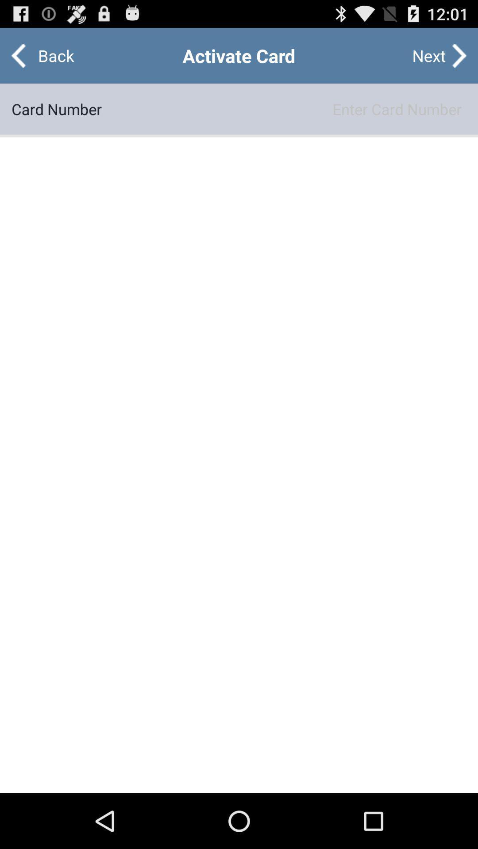 Image resolution: width=478 pixels, height=849 pixels. I want to click on the button at the top right corner, so click(428, 55).